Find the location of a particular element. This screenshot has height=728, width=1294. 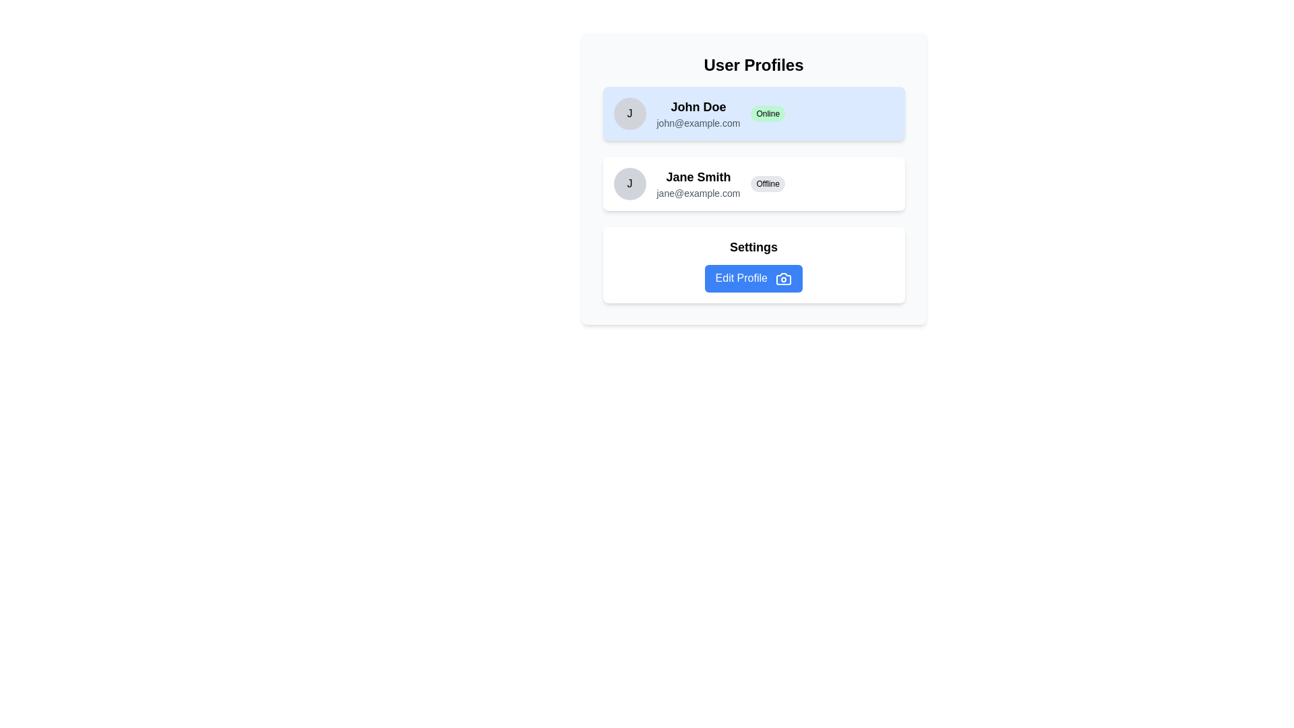

the user profile summary card for 'Jane Smith', which displays the user's name, email, and online status, located below the card for 'John Doe' in the 'User Profiles' section is located at coordinates (753, 184).